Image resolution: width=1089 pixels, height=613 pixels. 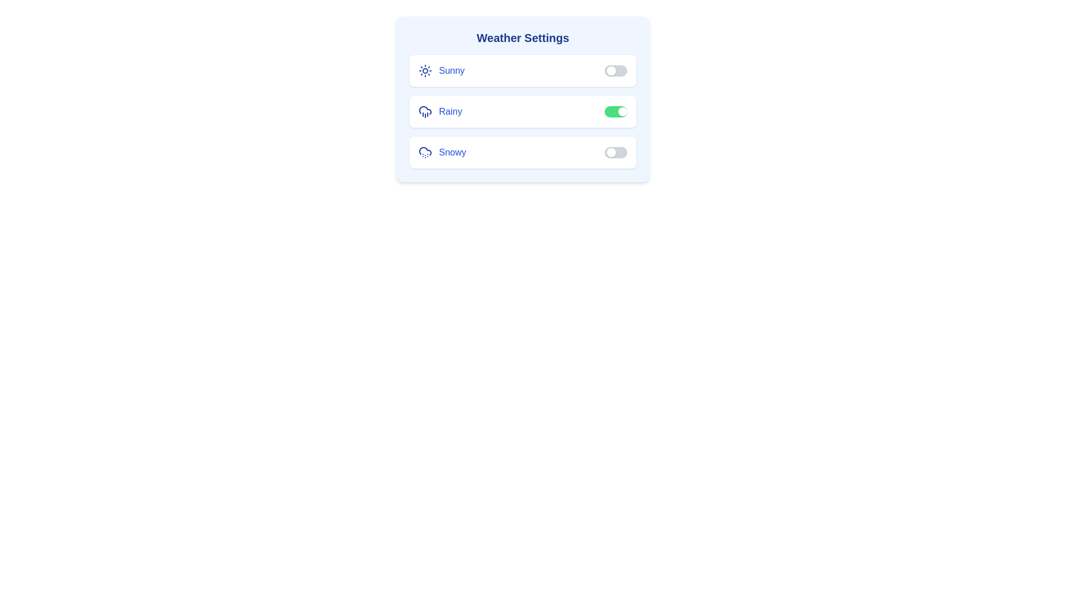 What do you see at coordinates (424, 150) in the screenshot?
I see `the blue outlined upper section of the cloud graphic icon representing the 'Snowy' option in the weather settings section` at bounding box center [424, 150].